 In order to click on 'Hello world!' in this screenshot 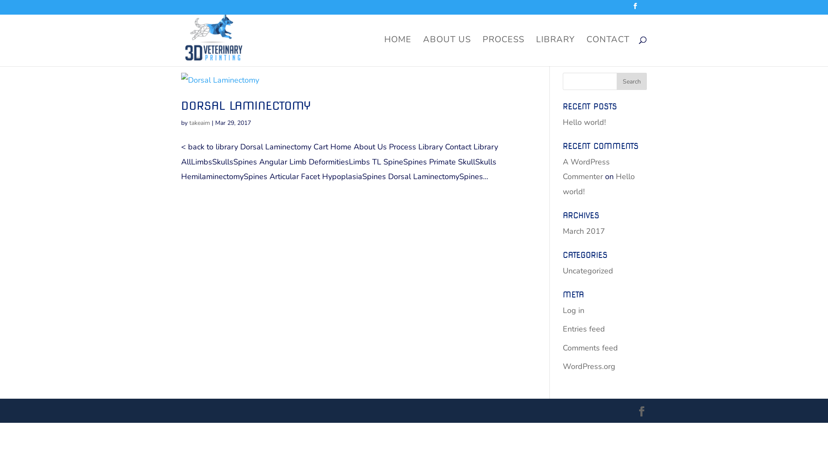, I will do `click(584, 122)`.